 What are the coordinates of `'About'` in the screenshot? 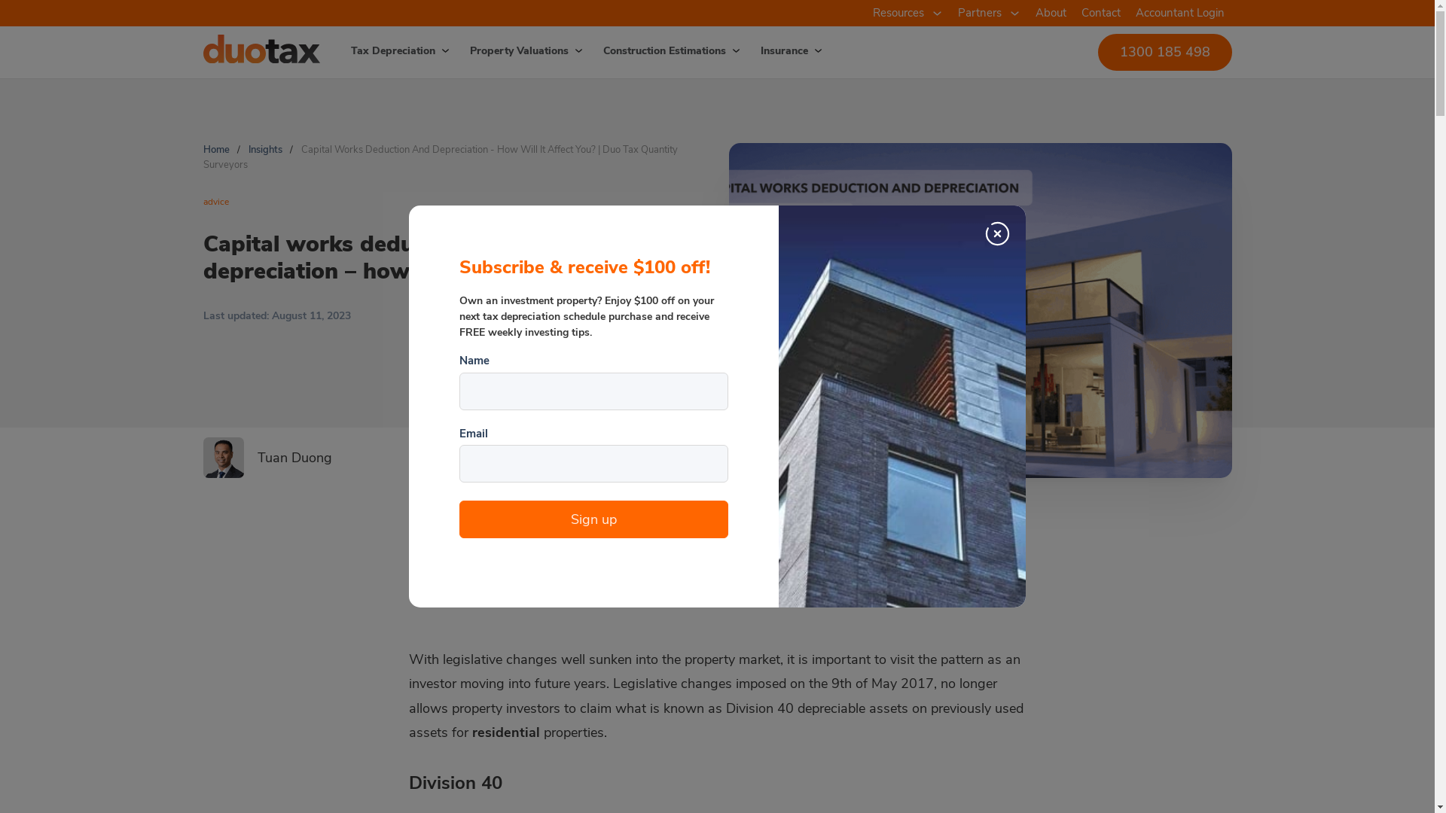 It's located at (1049, 13).